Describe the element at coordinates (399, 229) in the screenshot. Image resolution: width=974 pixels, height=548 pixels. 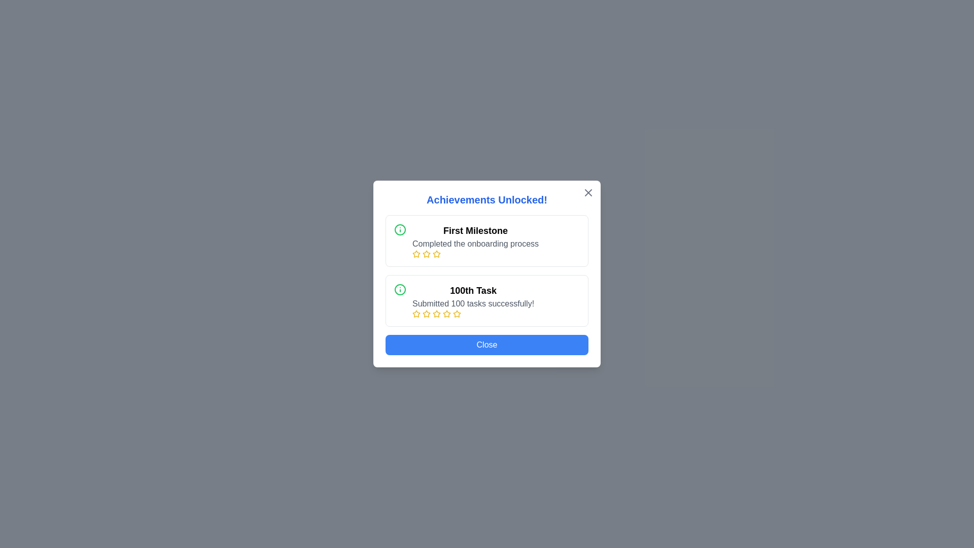
I see `the informational symbol icon located at the top left corner inside the 'First Milestone' achievement card` at that location.